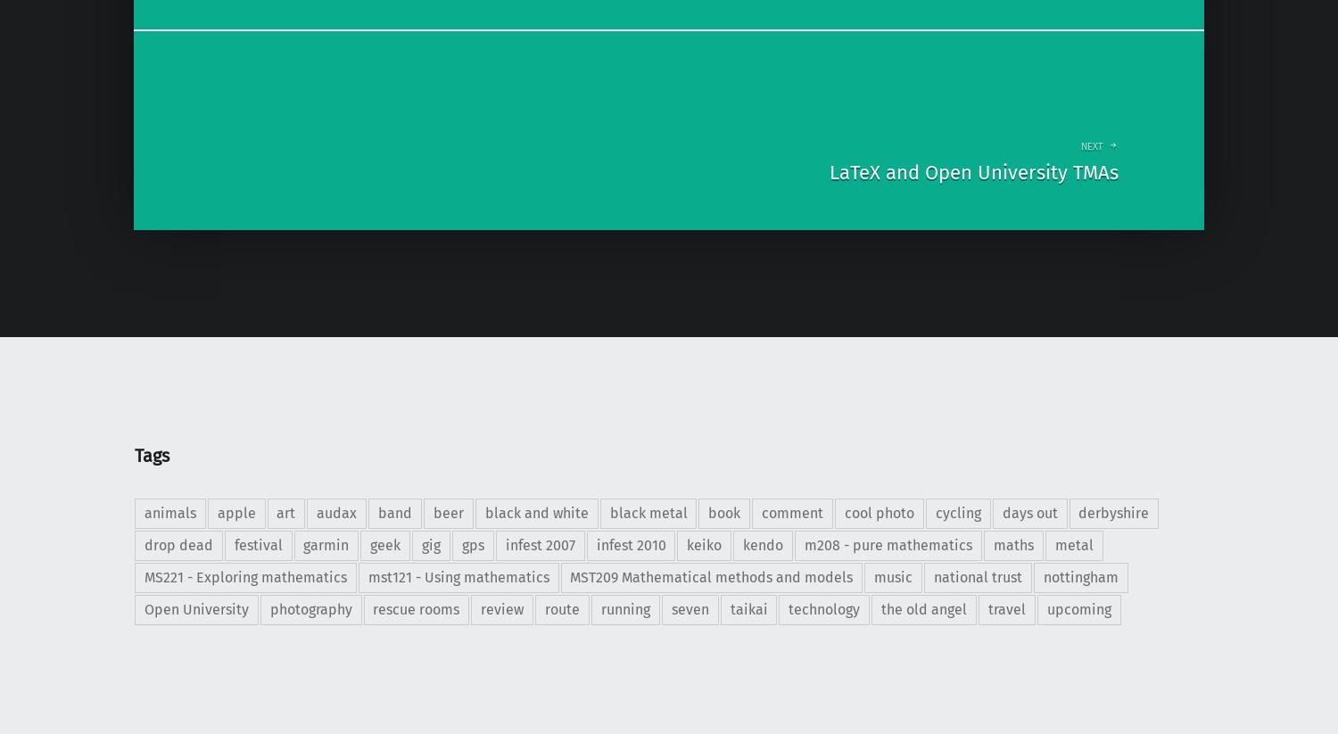 The height and width of the screenshot is (734, 1338). I want to click on 'taikai', so click(747, 608).